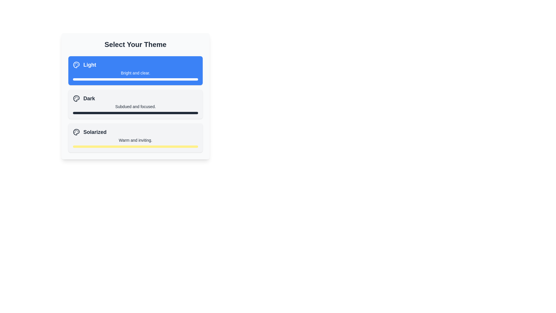 The image size is (556, 313). Describe the element at coordinates (76, 98) in the screenshot. I see `the central component of the painter's palette icon, which is black and styled as an SVG graphic, located in the lower section of the Solarized theme card, to possibly display a tooltip` at that location.